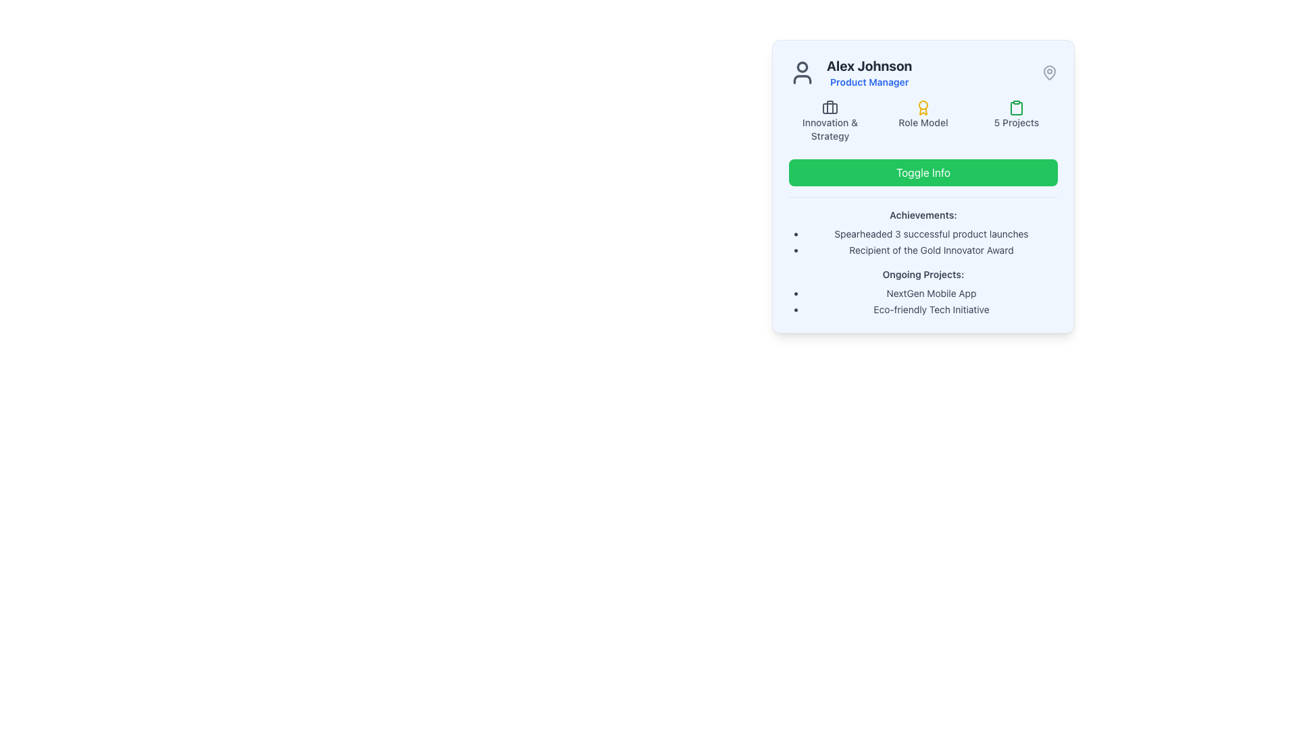 The height and width of the screenshot is (729, 1297). What do you see at coordinates (803, 67) in the screenshot?
I see `the small circular node that forms the head component of the user icon, which is styled with a gray outline and positioned at the top-left corner of the profile card` at bounding box center [803, 67].